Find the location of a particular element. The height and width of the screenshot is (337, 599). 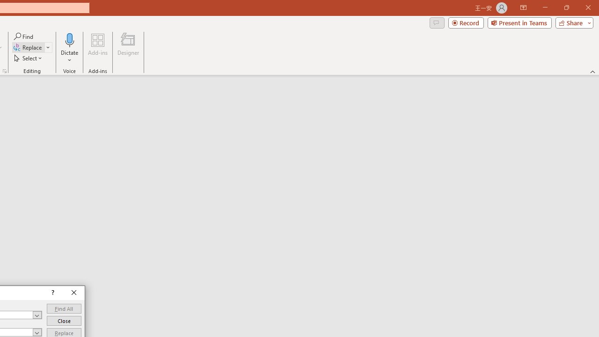

'Find...' is located at coordinates (24, 36).